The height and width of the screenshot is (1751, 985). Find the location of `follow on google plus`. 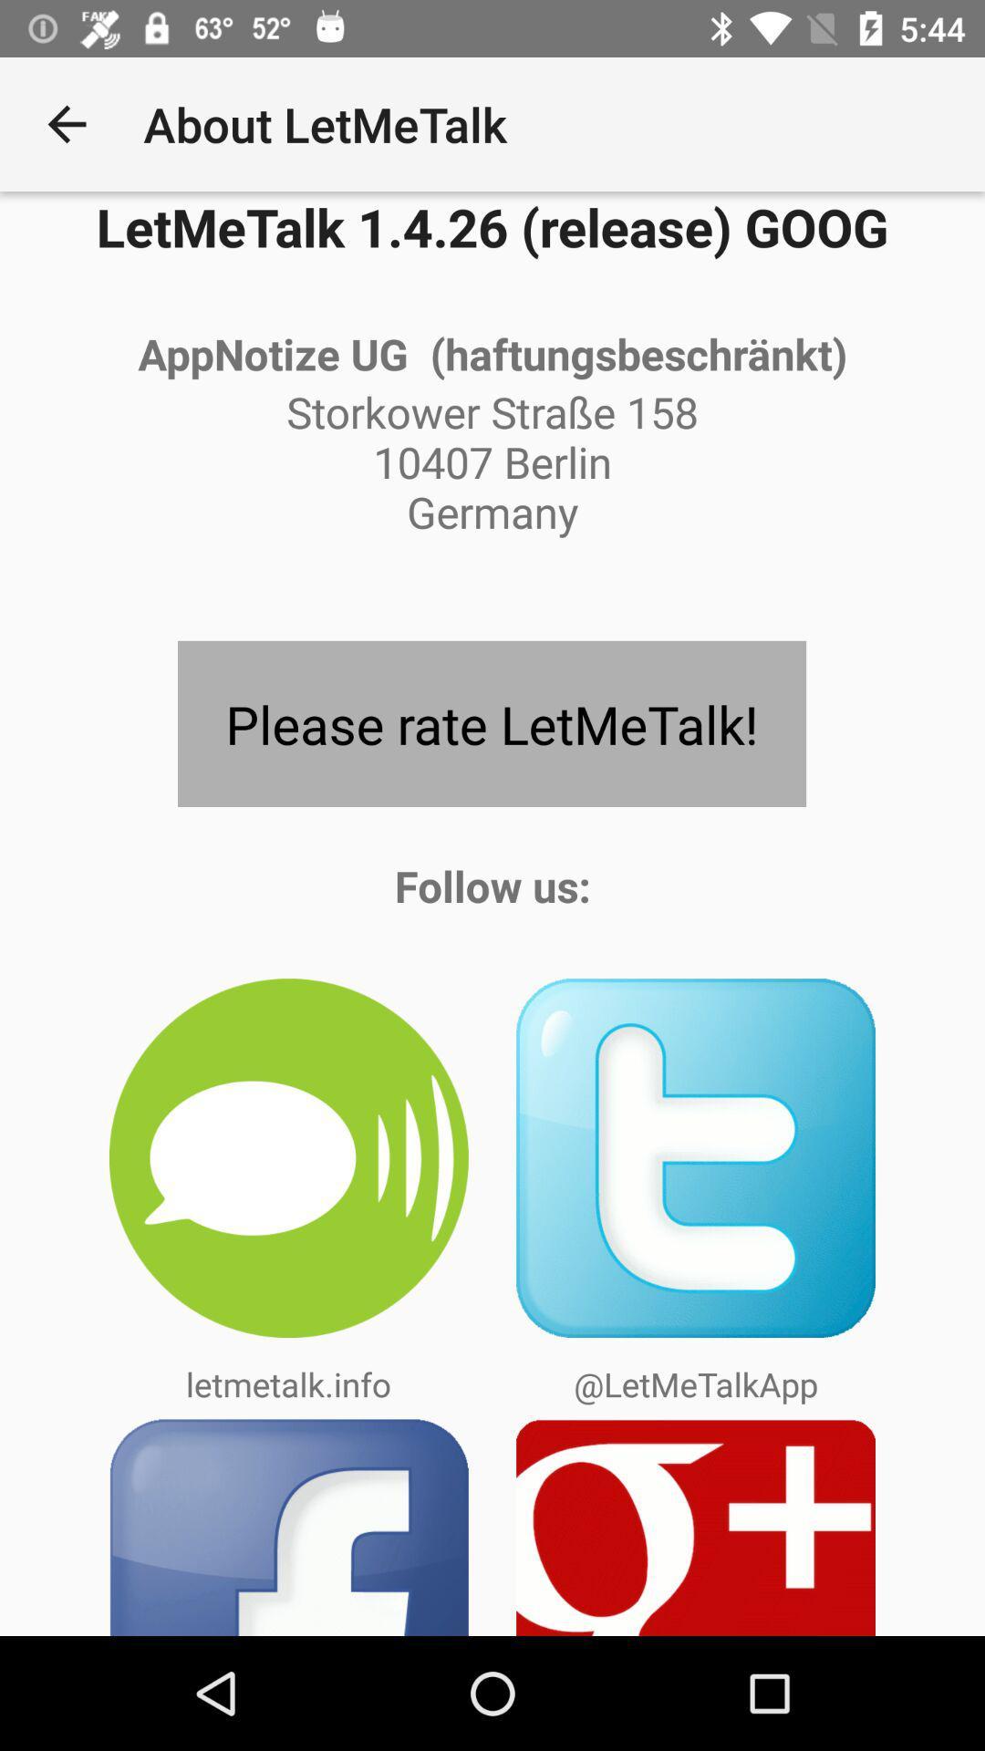

follow on google plus is located at coordinates (696, 1527).